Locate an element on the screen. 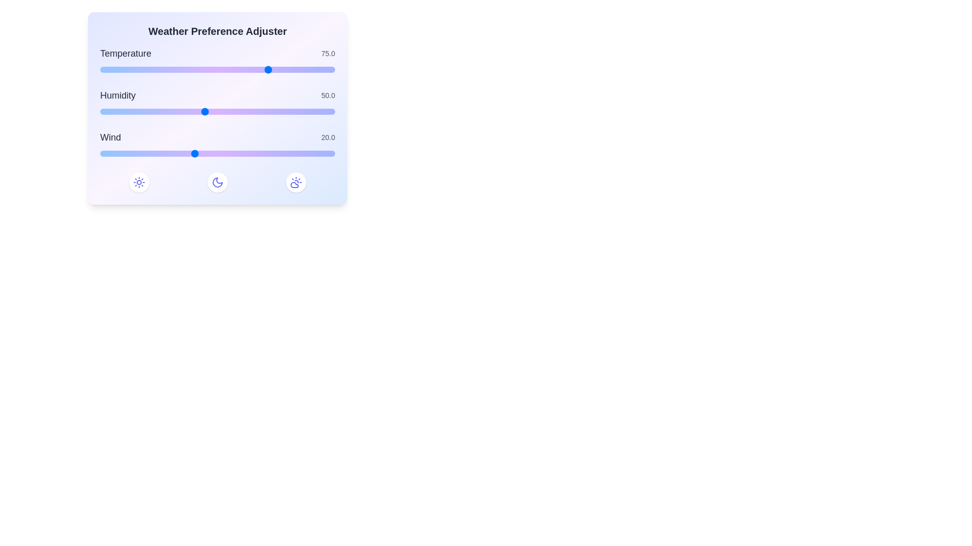  the circular button with a cloud and sunlight icon is located at coordinates (295, 183).